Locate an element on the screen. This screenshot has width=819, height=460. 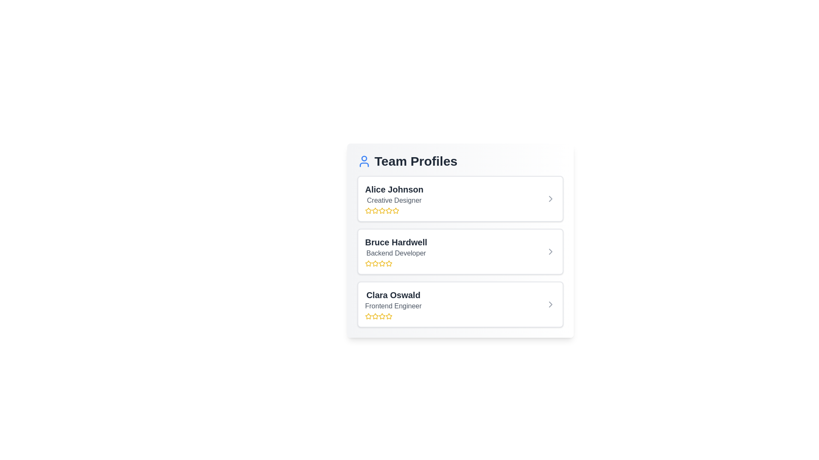
arrow icon next to the profile Alice Johnson is located at coordinates (551, 198).